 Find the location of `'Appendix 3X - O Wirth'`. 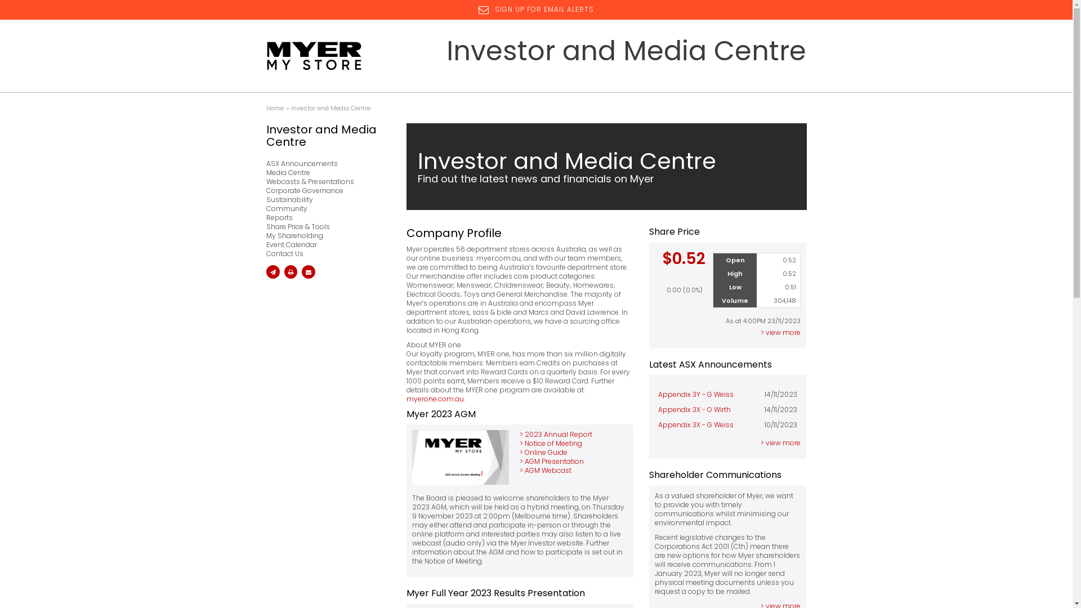

'Appendix 3X - O Wirth' is located at coordinates (694, 409).